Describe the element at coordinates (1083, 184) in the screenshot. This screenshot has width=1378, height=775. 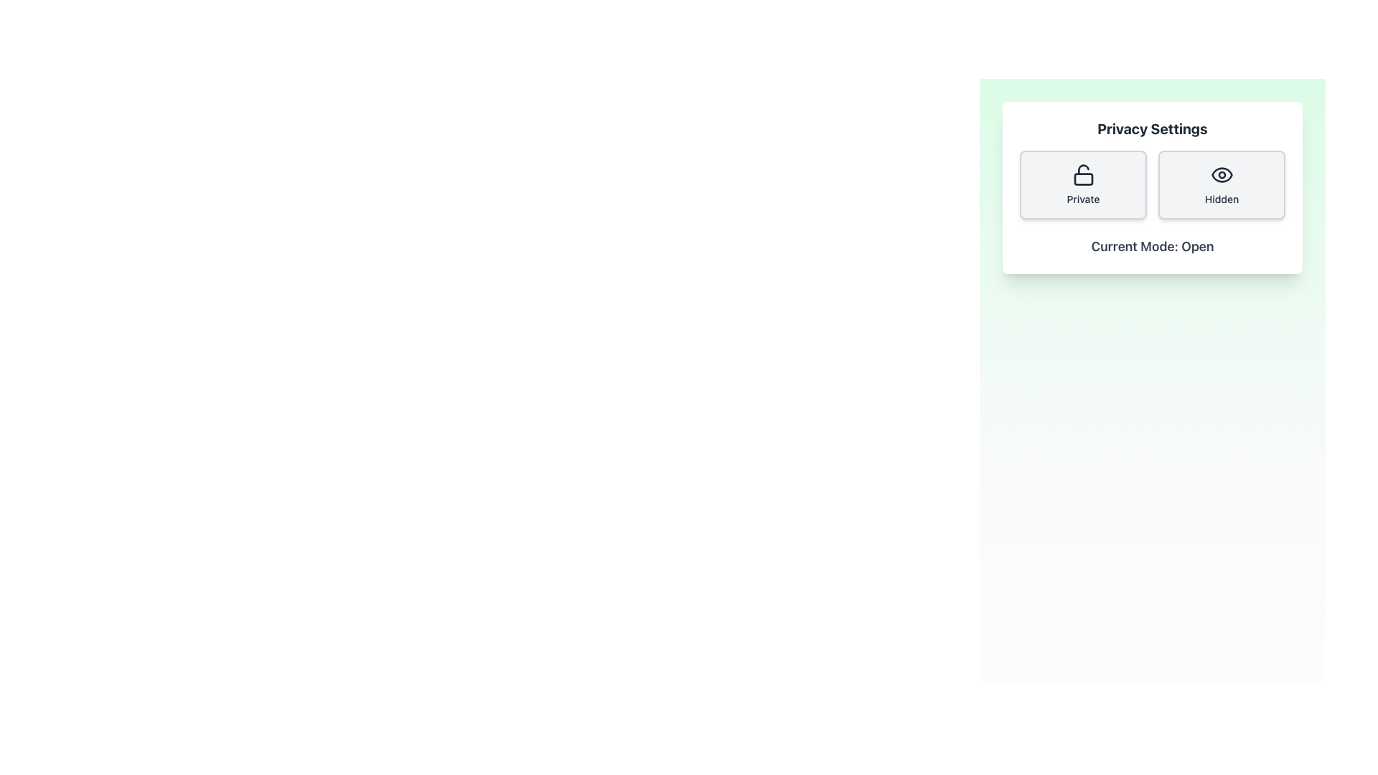
I see `the 'Private' button` at that location.